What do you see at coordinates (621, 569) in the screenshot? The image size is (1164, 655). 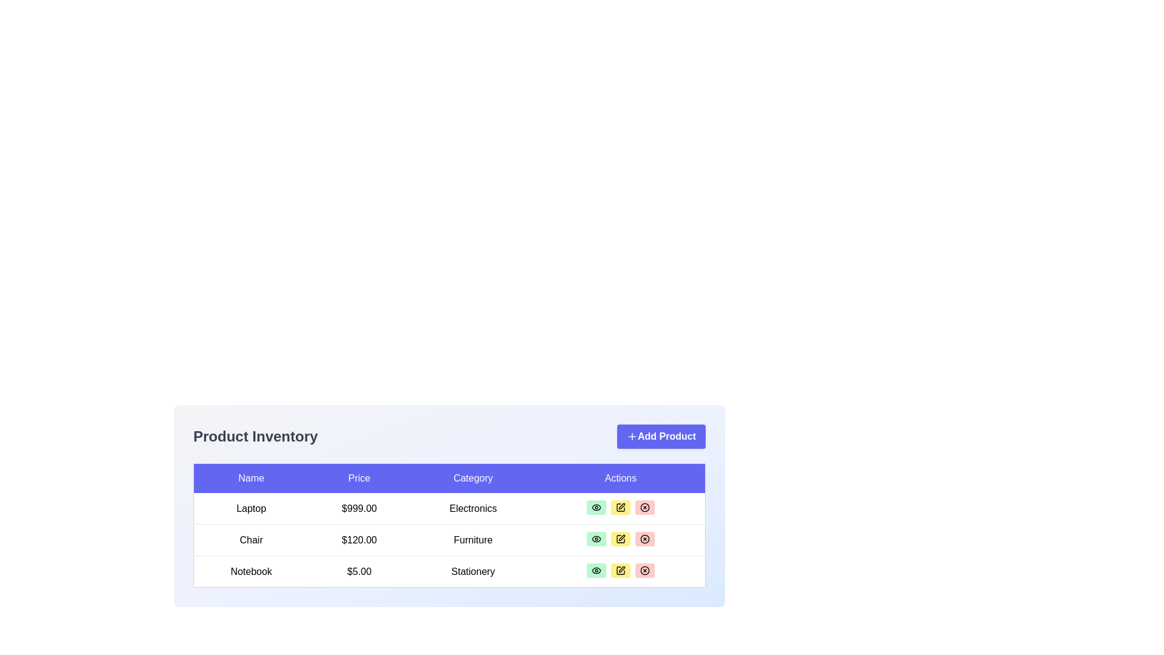 I see `the yellow pencil icon button located in the 'Actions' column of the last row in the table to initiate the edit action` at bounding box center [621, 569].